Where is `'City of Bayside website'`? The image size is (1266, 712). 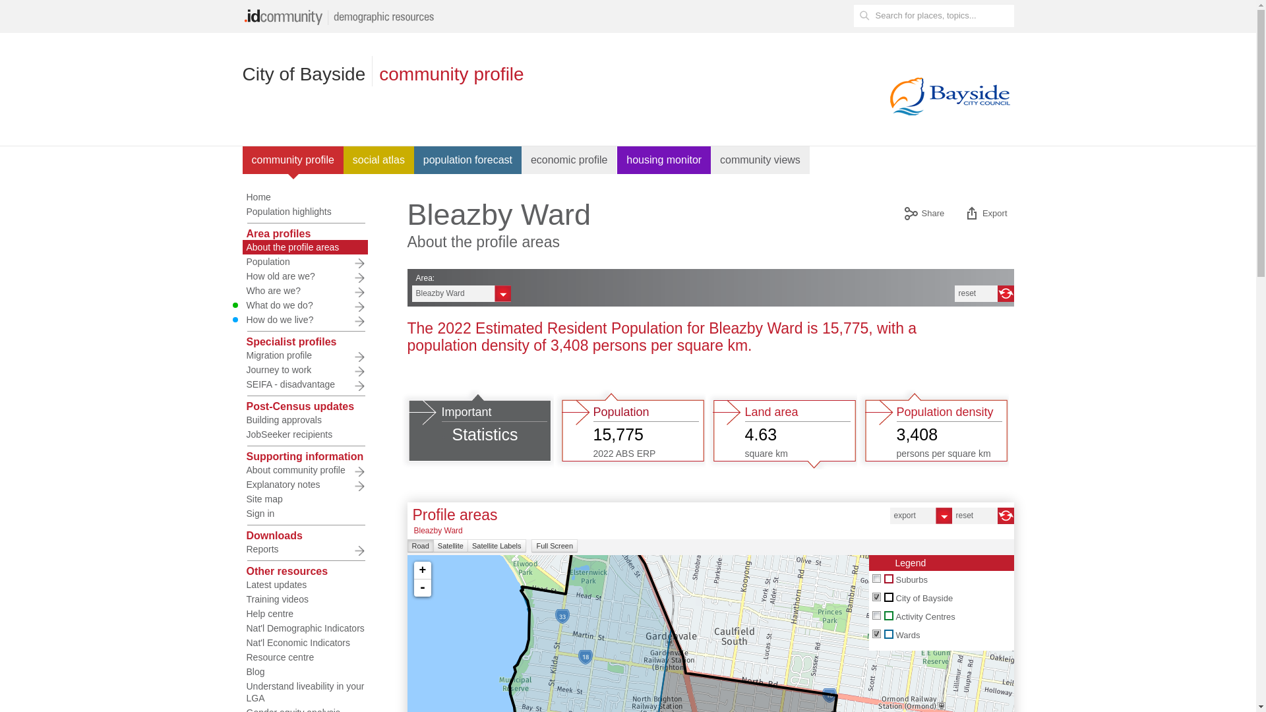
'City of Bayside website' is located at coordinates (882, 95).